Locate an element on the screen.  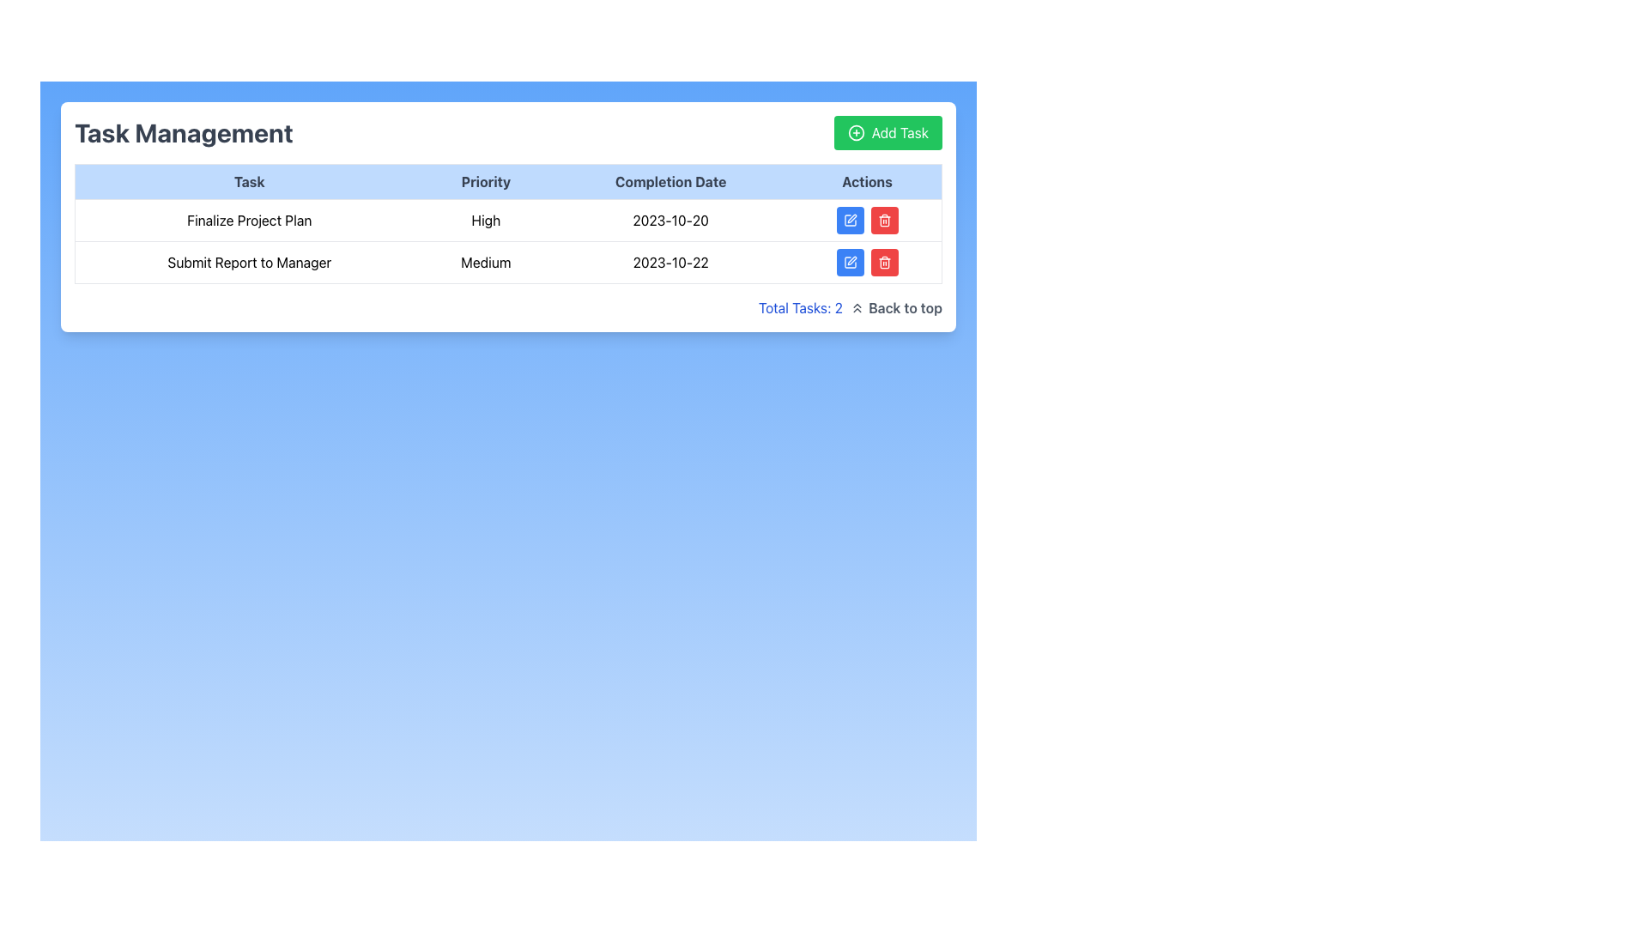
the blue circular button containing the pen icon is located at coordinates (850, 220).